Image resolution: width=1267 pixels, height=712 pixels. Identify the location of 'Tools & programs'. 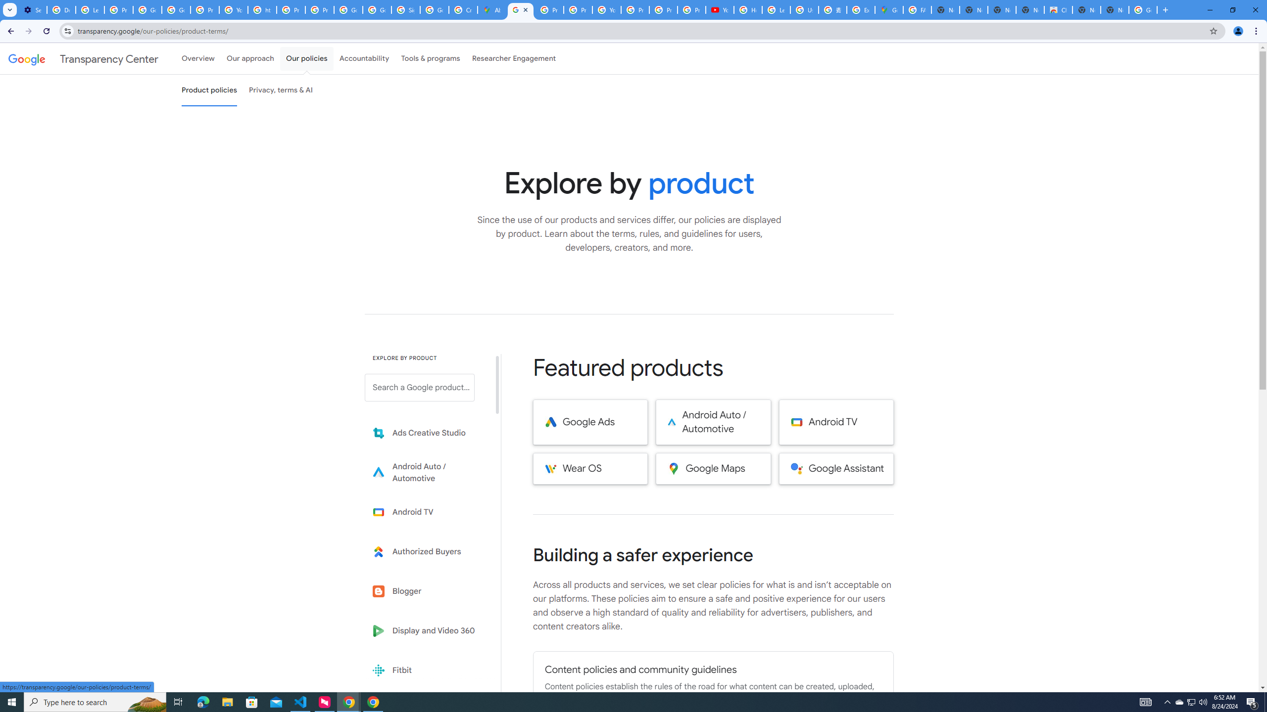
(430, 58).